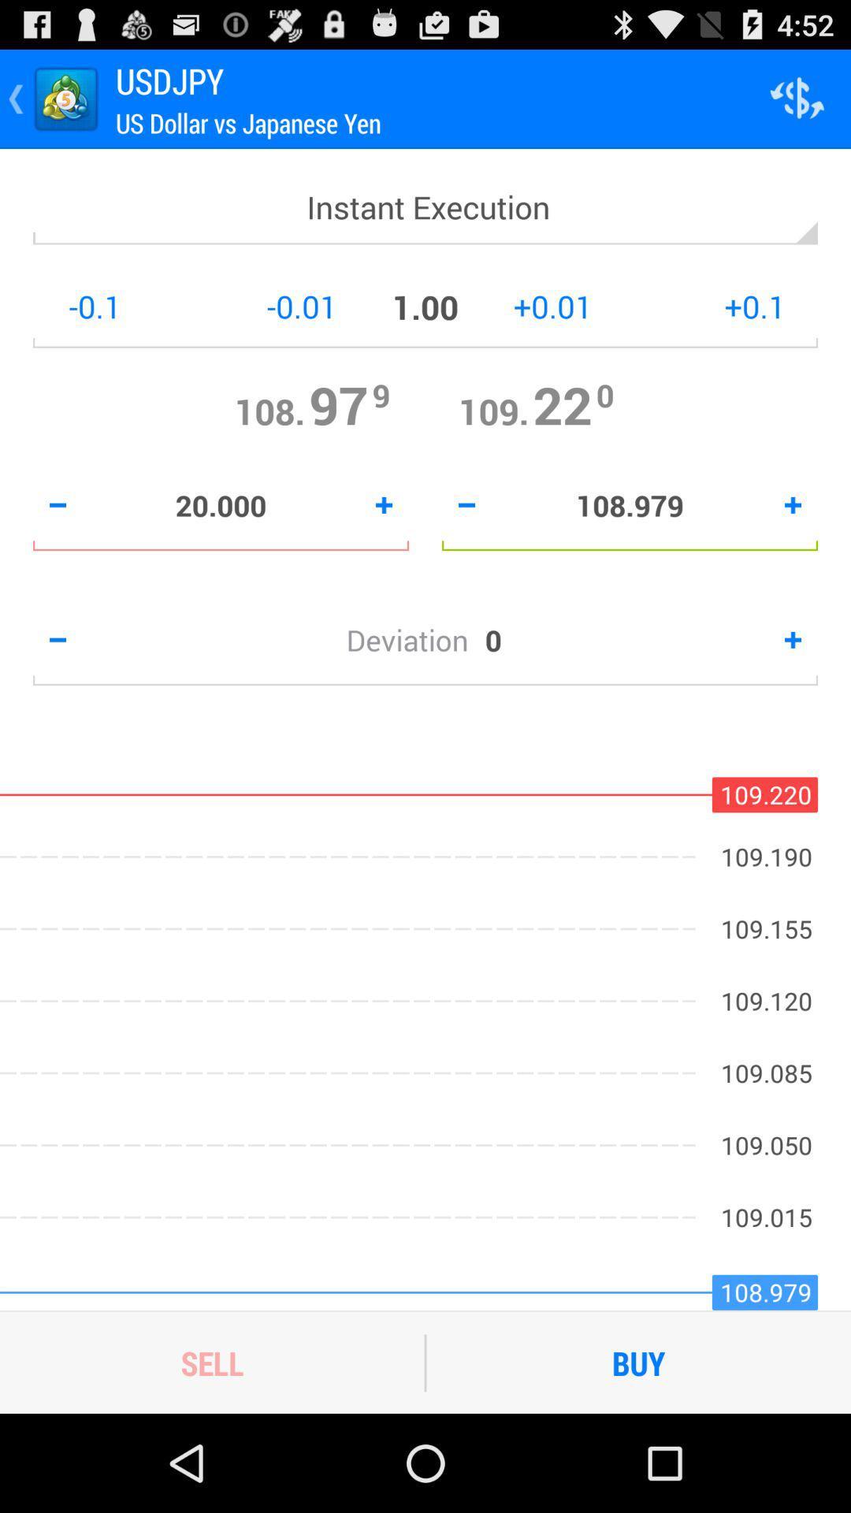 Image resolution: width=851 pixels, height=1513 pixels. What do you see at coordinates (211, 1362) in the screenshot?
I see `sell item` at bounding box center [211, 1362].